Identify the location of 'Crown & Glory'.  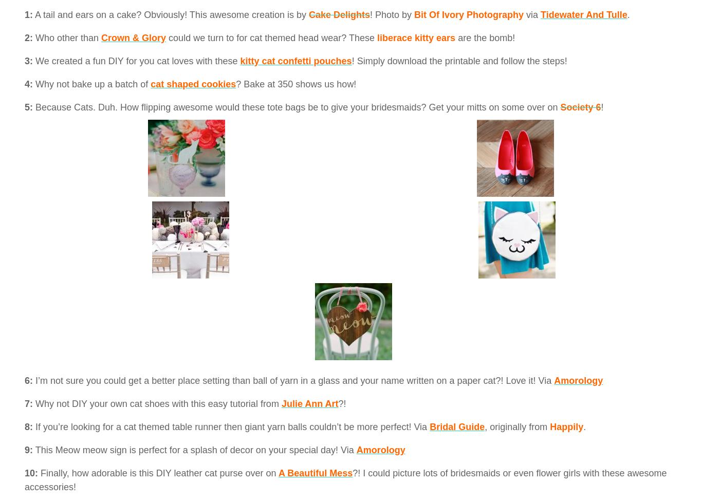
(133, 38).